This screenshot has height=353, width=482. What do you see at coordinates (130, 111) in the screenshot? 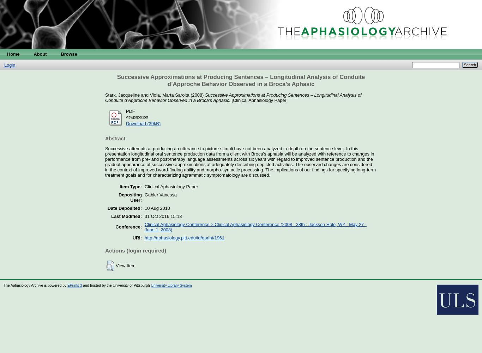
I see `'PDF'` at bounding box center [130, 111].